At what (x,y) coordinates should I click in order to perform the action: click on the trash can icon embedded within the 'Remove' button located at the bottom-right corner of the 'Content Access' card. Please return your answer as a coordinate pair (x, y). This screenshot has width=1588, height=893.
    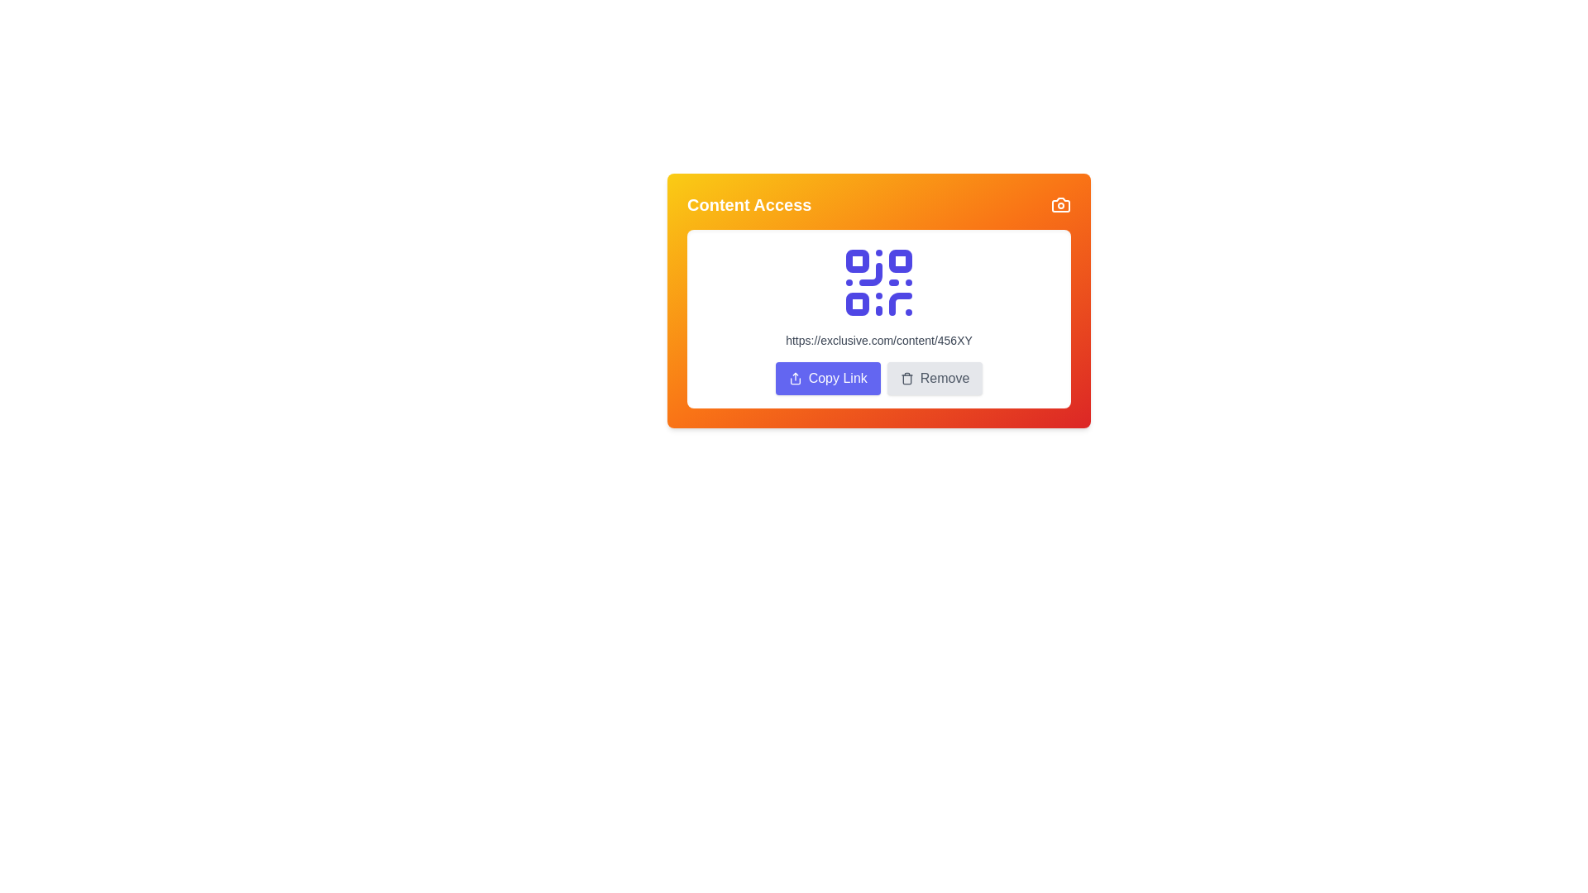
    Looking at the image, I should click on (906, 379).